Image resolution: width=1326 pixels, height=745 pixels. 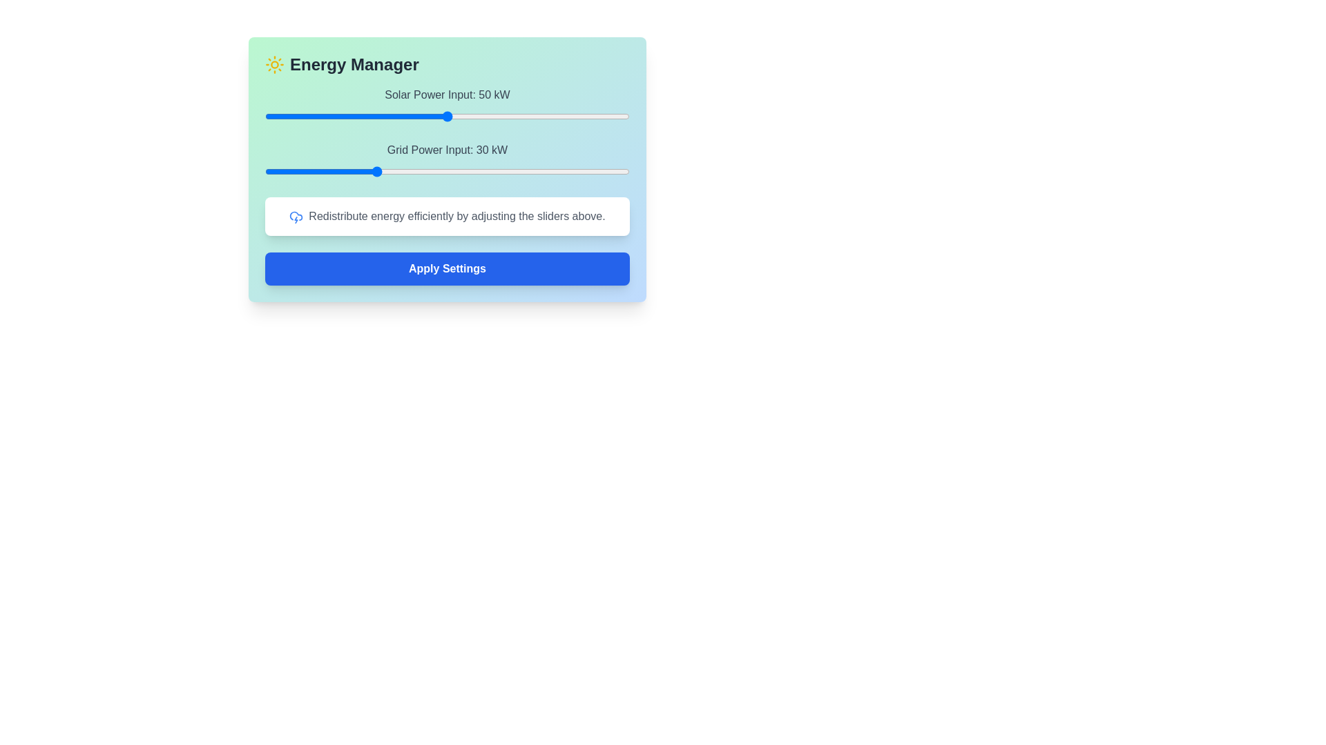 What do you see at coordinates (319, 116) in the screenshot?
I see `the Solar Power Input slider to 15 kW` at bounding box center [319, 116].